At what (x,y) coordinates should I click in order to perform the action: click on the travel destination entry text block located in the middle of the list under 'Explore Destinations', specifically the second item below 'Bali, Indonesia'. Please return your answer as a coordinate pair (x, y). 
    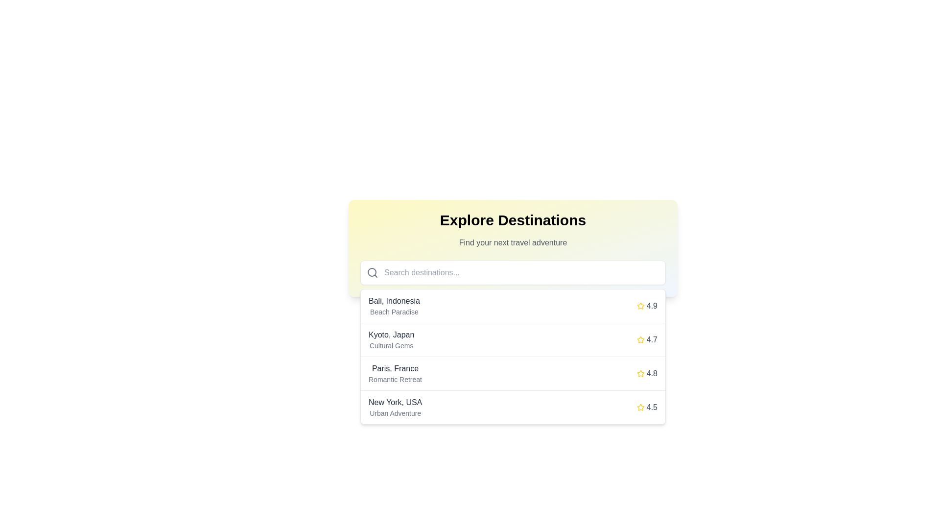
    Looking at the image, I should click on (391, 339).